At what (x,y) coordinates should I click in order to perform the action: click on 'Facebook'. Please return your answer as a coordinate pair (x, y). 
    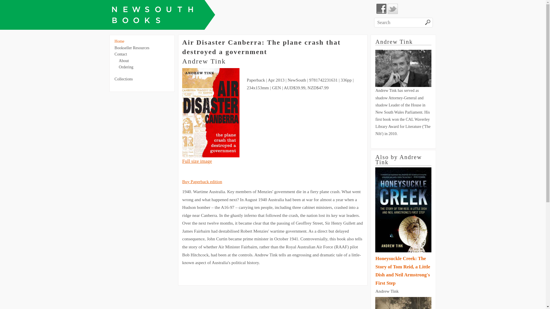
    Looking at the image, I should click on (381, 9).